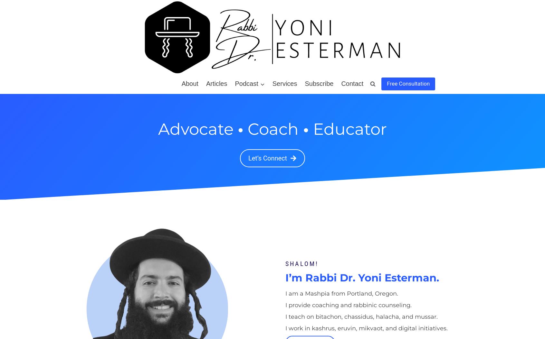  I want to click on 'Let’s Connect', so click(267, 157).